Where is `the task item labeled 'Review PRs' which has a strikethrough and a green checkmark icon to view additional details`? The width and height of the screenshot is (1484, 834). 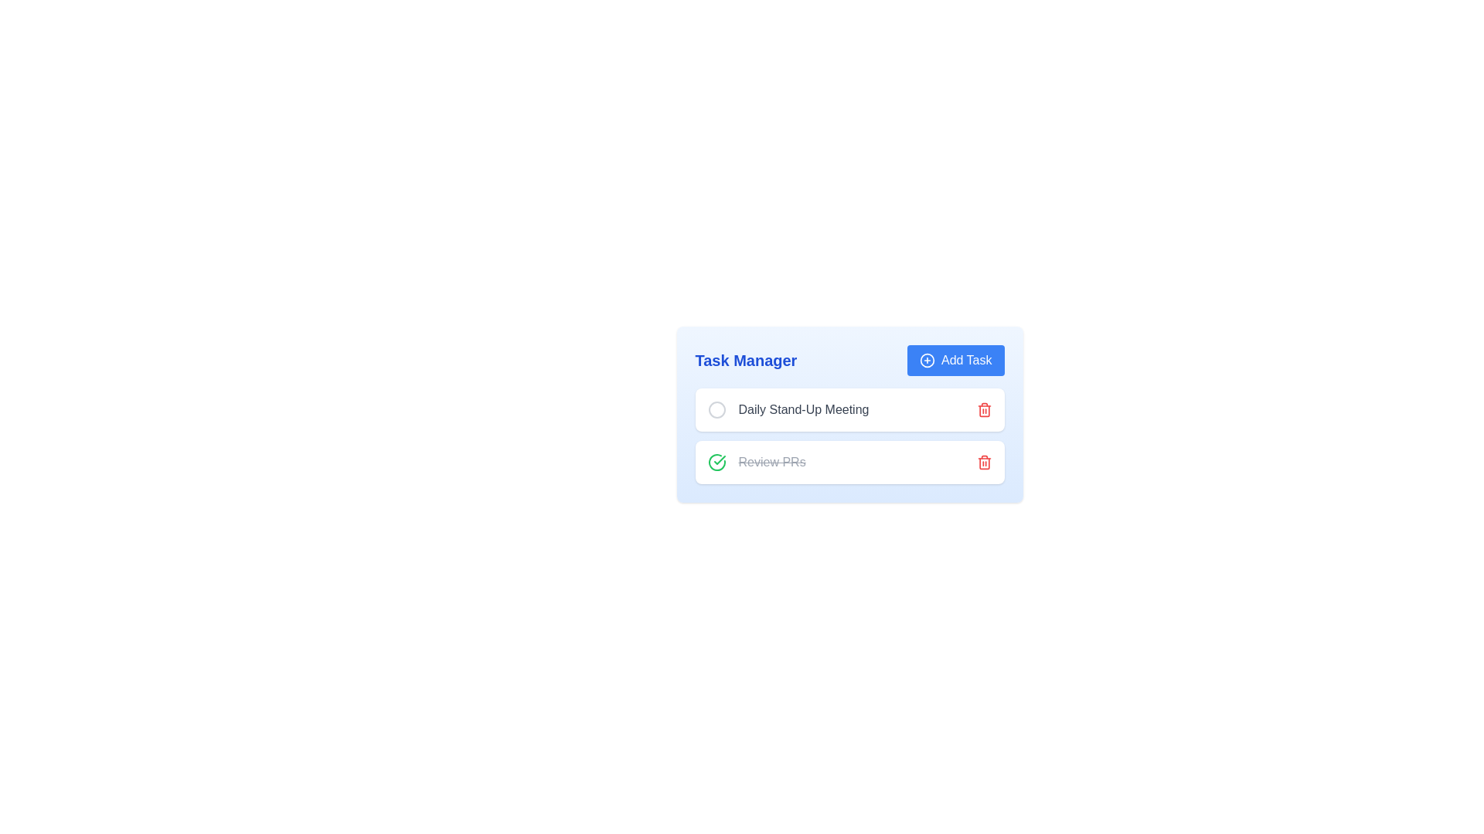 the task item labeled 'Review PRs' which has a strikethrough and a green checkmark icon to view additional details is located at coordinates (757, 461).